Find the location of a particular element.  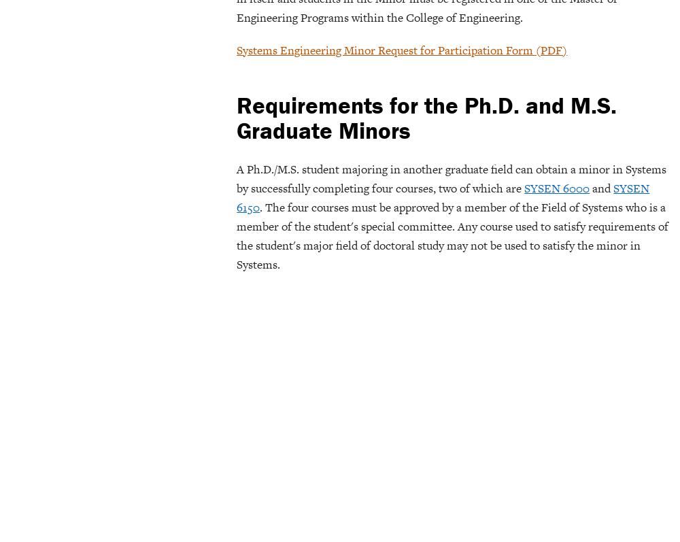

'Copyright © 2023 Cornell University' is located at coordinates (597, 20).